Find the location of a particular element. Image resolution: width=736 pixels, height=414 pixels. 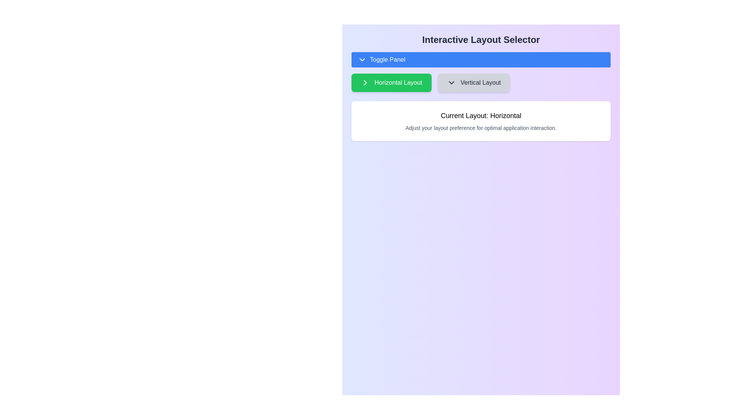

'Vertical Layout' button to switch the layout is located at coordinates (473, 83).